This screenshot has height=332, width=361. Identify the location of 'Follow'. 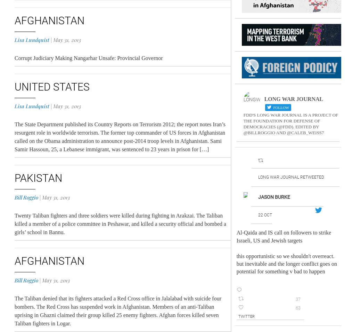
(280, 107).